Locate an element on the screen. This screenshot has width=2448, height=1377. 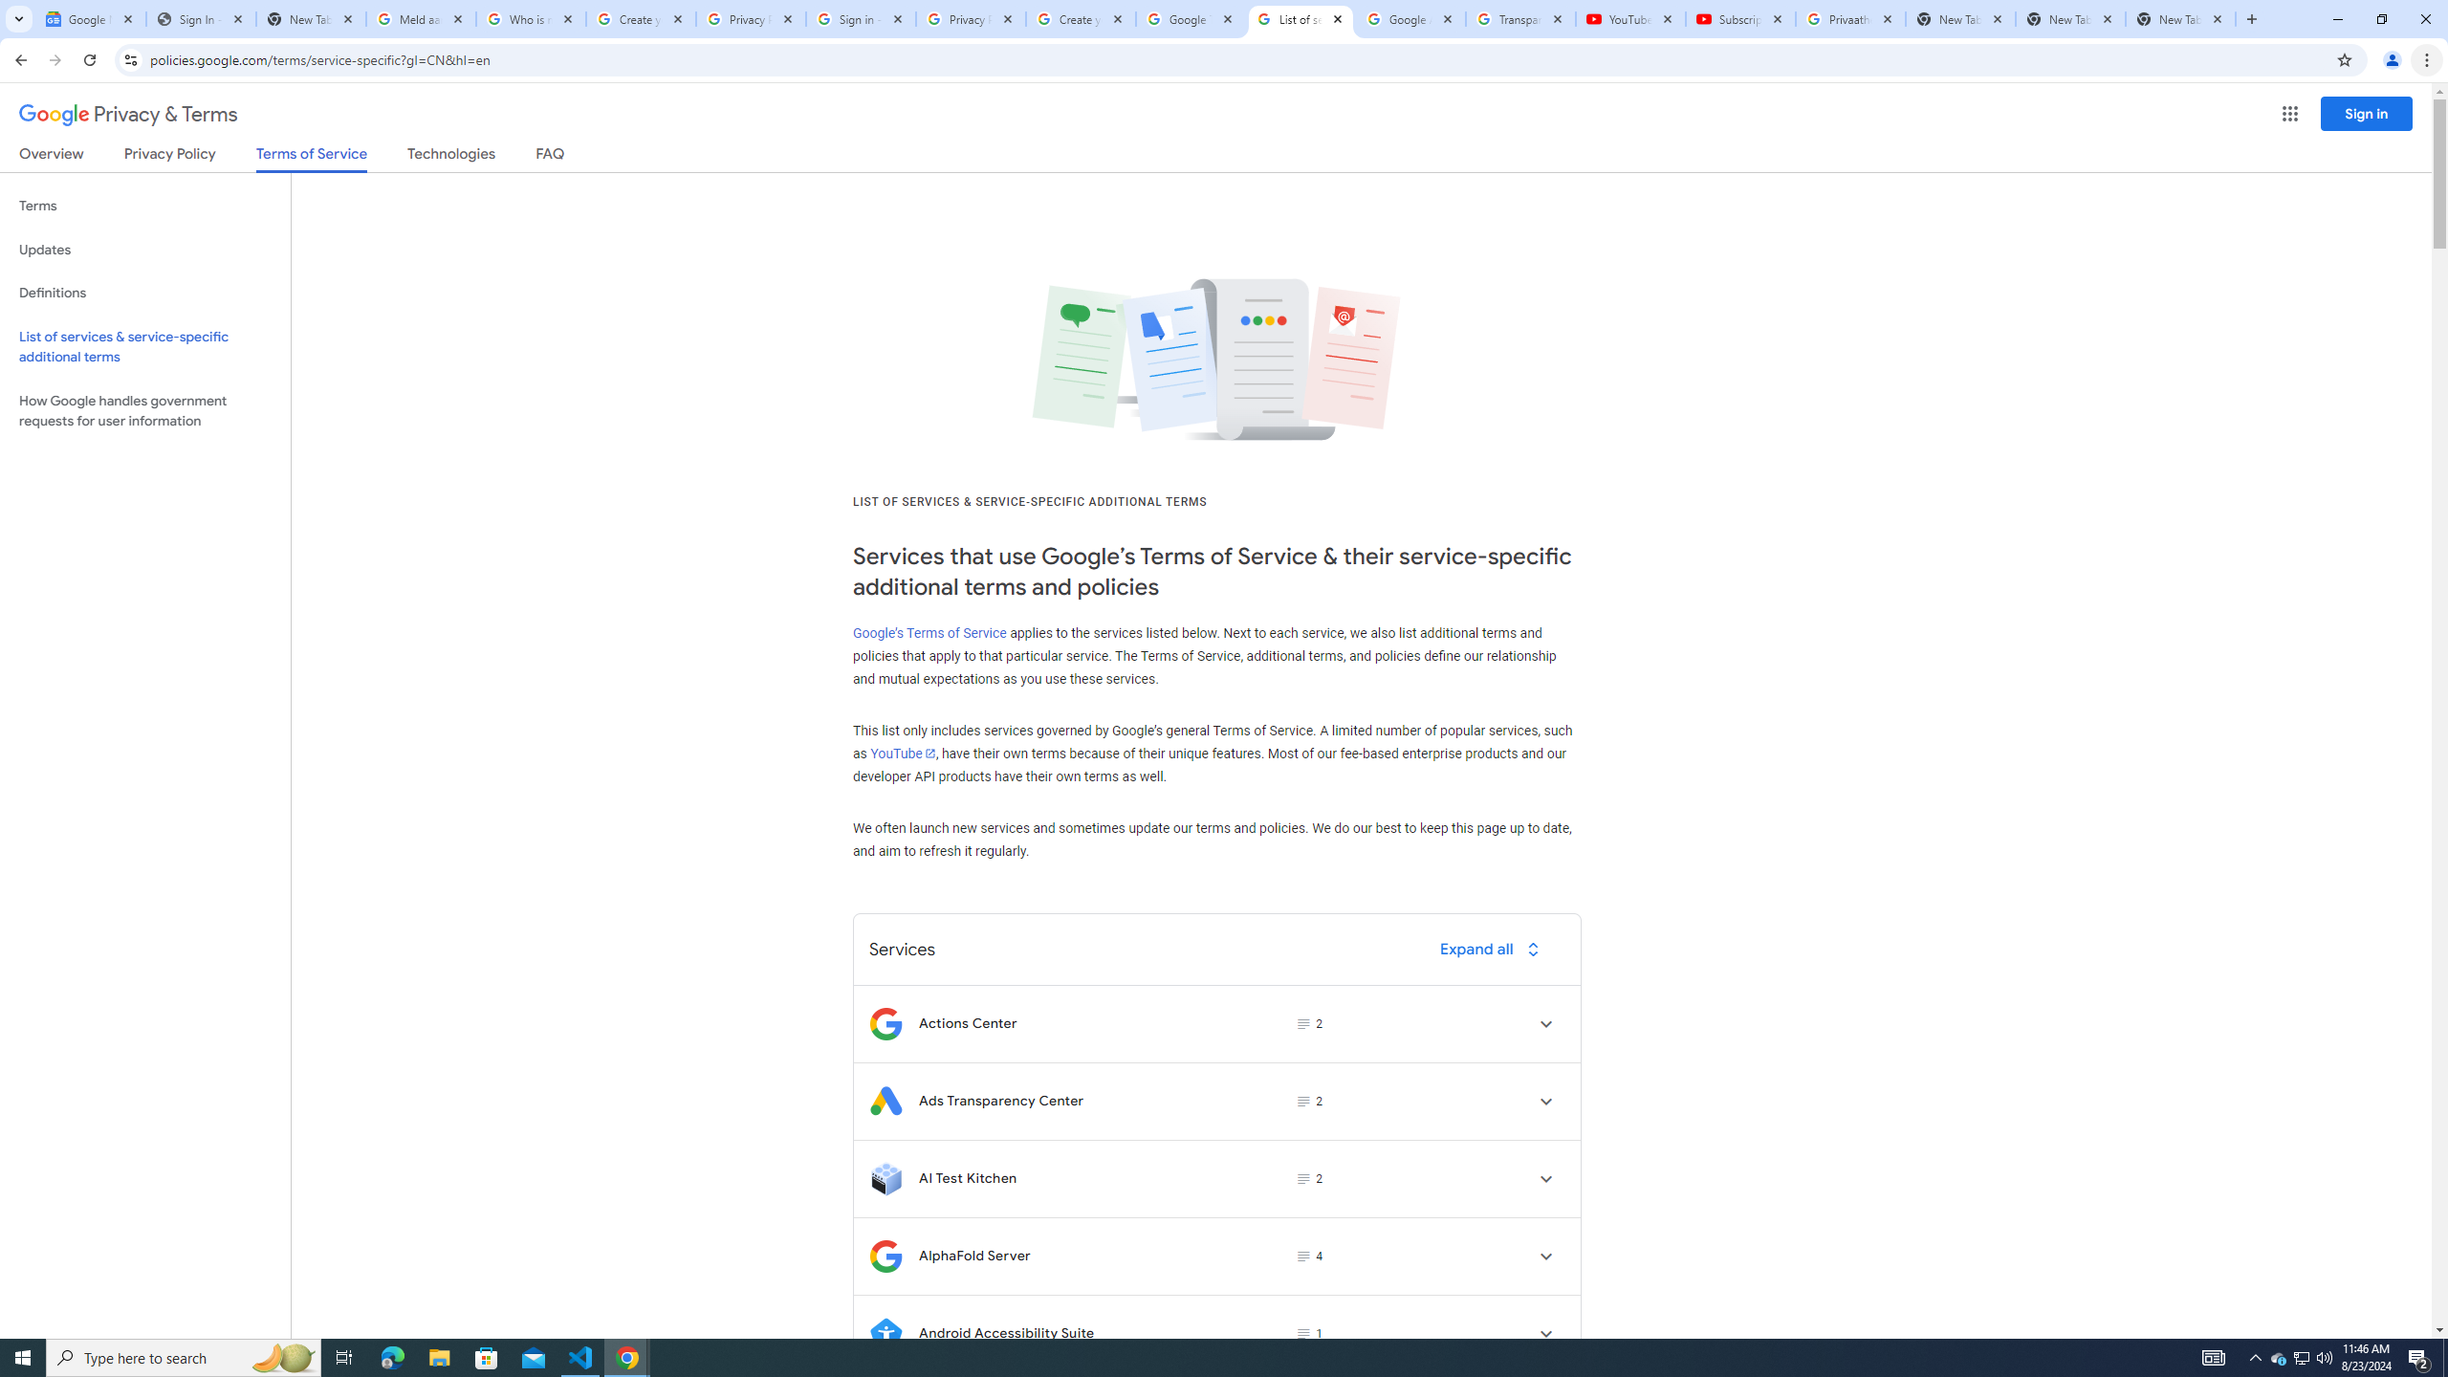
'New Tab' is located at coordinates (2179, 18).